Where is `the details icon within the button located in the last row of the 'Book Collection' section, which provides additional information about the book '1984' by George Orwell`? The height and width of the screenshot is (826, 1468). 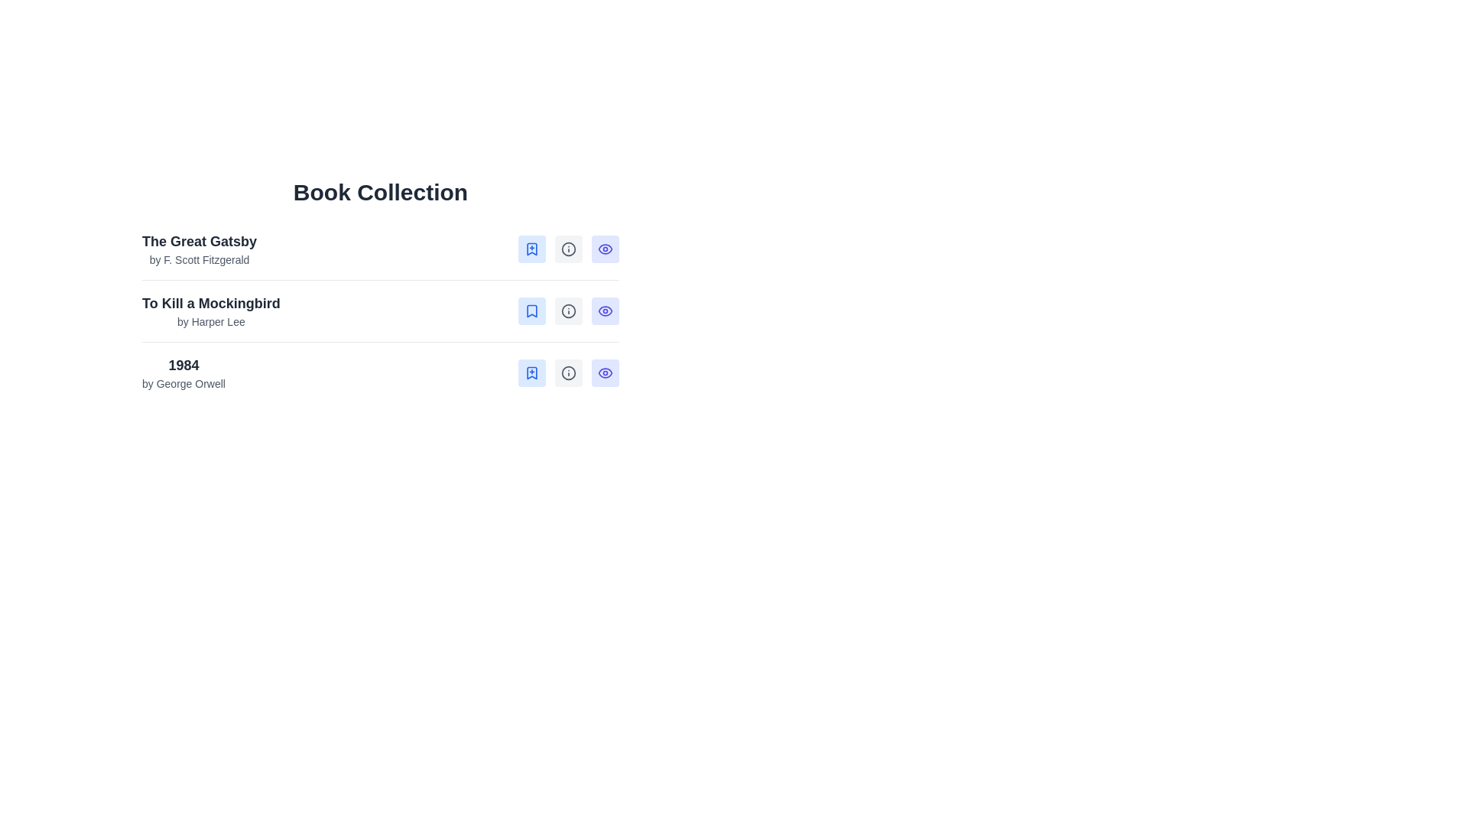
the details icon within the button located in the last row of the 'Book Collection' section, which provides additional information about the book '1984' by George Orwell is located at coordinates (568, 373).